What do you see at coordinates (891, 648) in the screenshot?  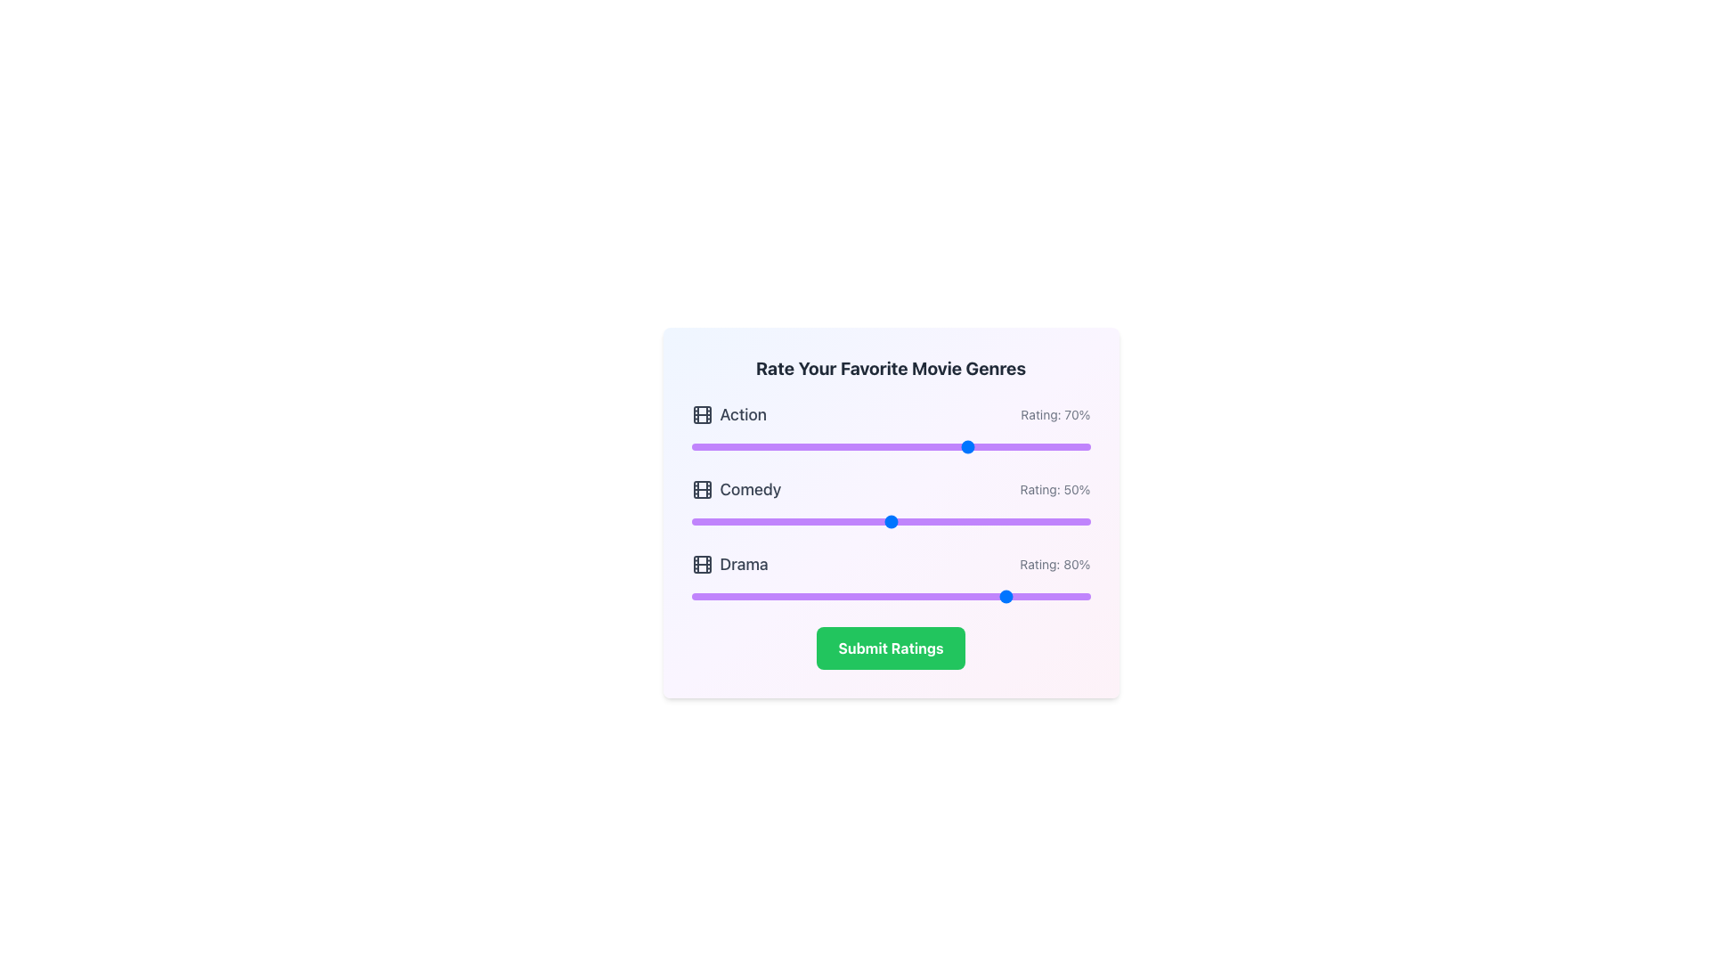 I see `the submit button located at the bottom center of the interface` at bounding box center [891, 648].